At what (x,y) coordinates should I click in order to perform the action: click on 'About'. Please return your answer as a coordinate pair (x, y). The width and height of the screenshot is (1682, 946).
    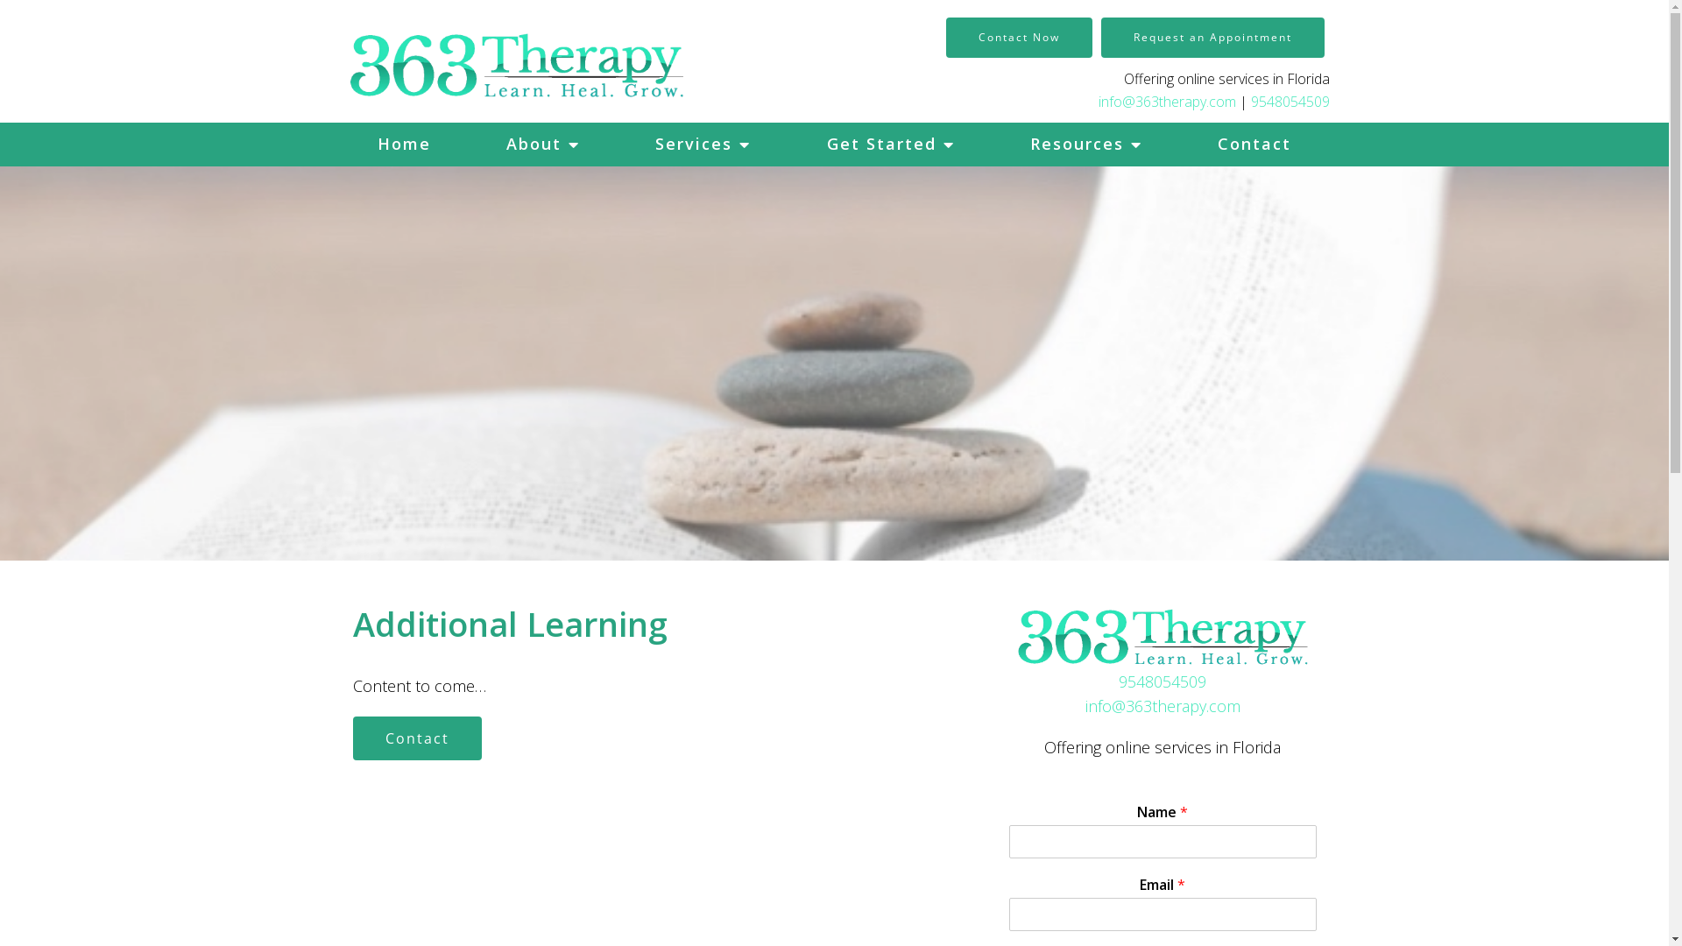
    Looking at the image, I should click on (468, 144).